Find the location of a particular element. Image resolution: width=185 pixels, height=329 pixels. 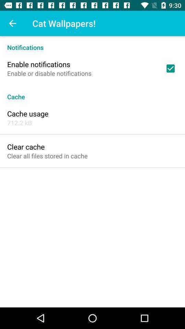

the item below the cache icon is located at coordinates (27, 113).